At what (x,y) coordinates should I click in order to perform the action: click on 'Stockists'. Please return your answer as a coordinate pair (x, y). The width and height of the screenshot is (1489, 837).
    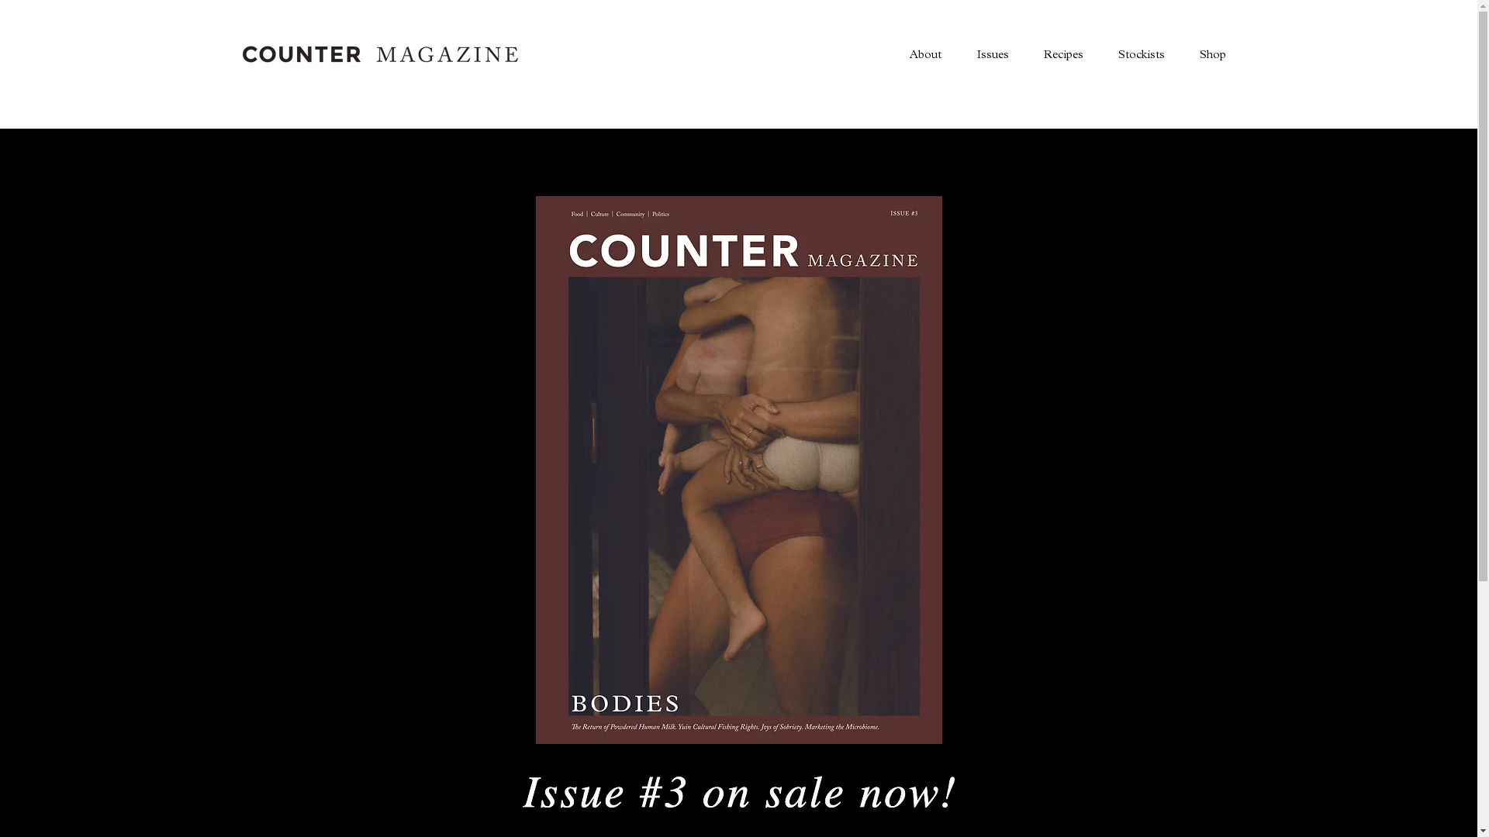
    Looking at the image, I should click on (1140, 53).